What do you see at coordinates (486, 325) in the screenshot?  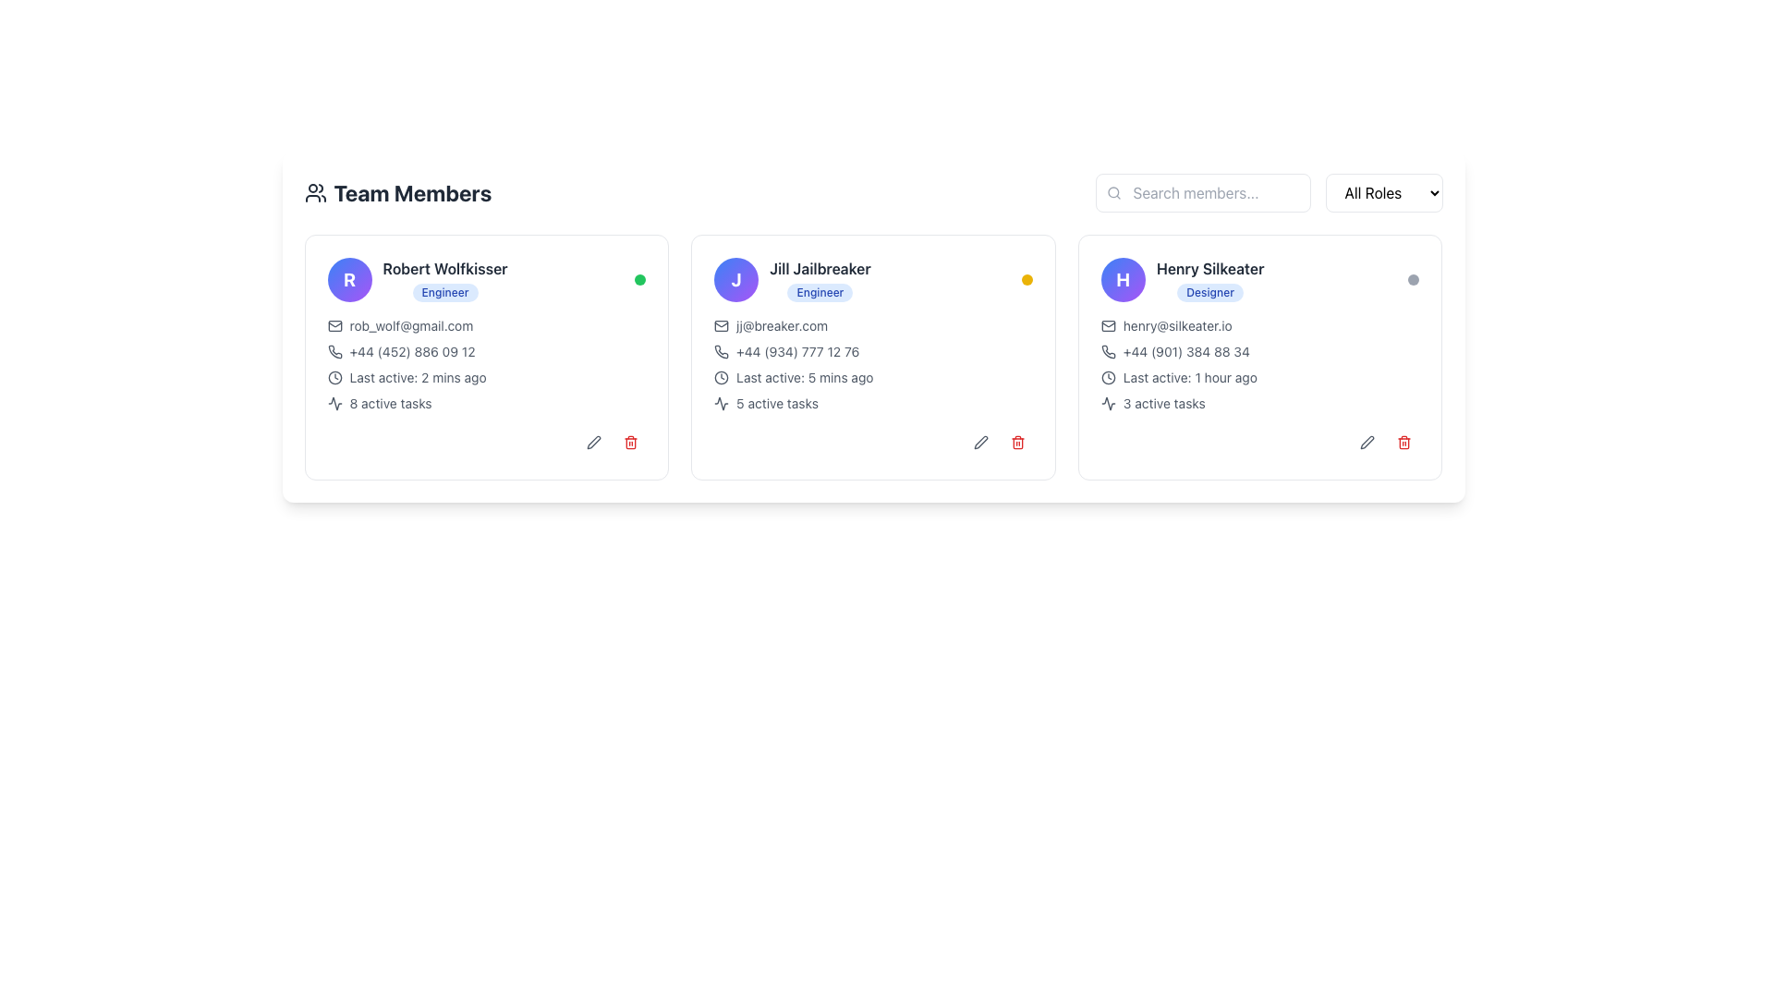 I see `the interactive email link 'rob_wolf@gmail.com' located under the 'Team Members' section to compose an email` at bounding box center [486, 325].